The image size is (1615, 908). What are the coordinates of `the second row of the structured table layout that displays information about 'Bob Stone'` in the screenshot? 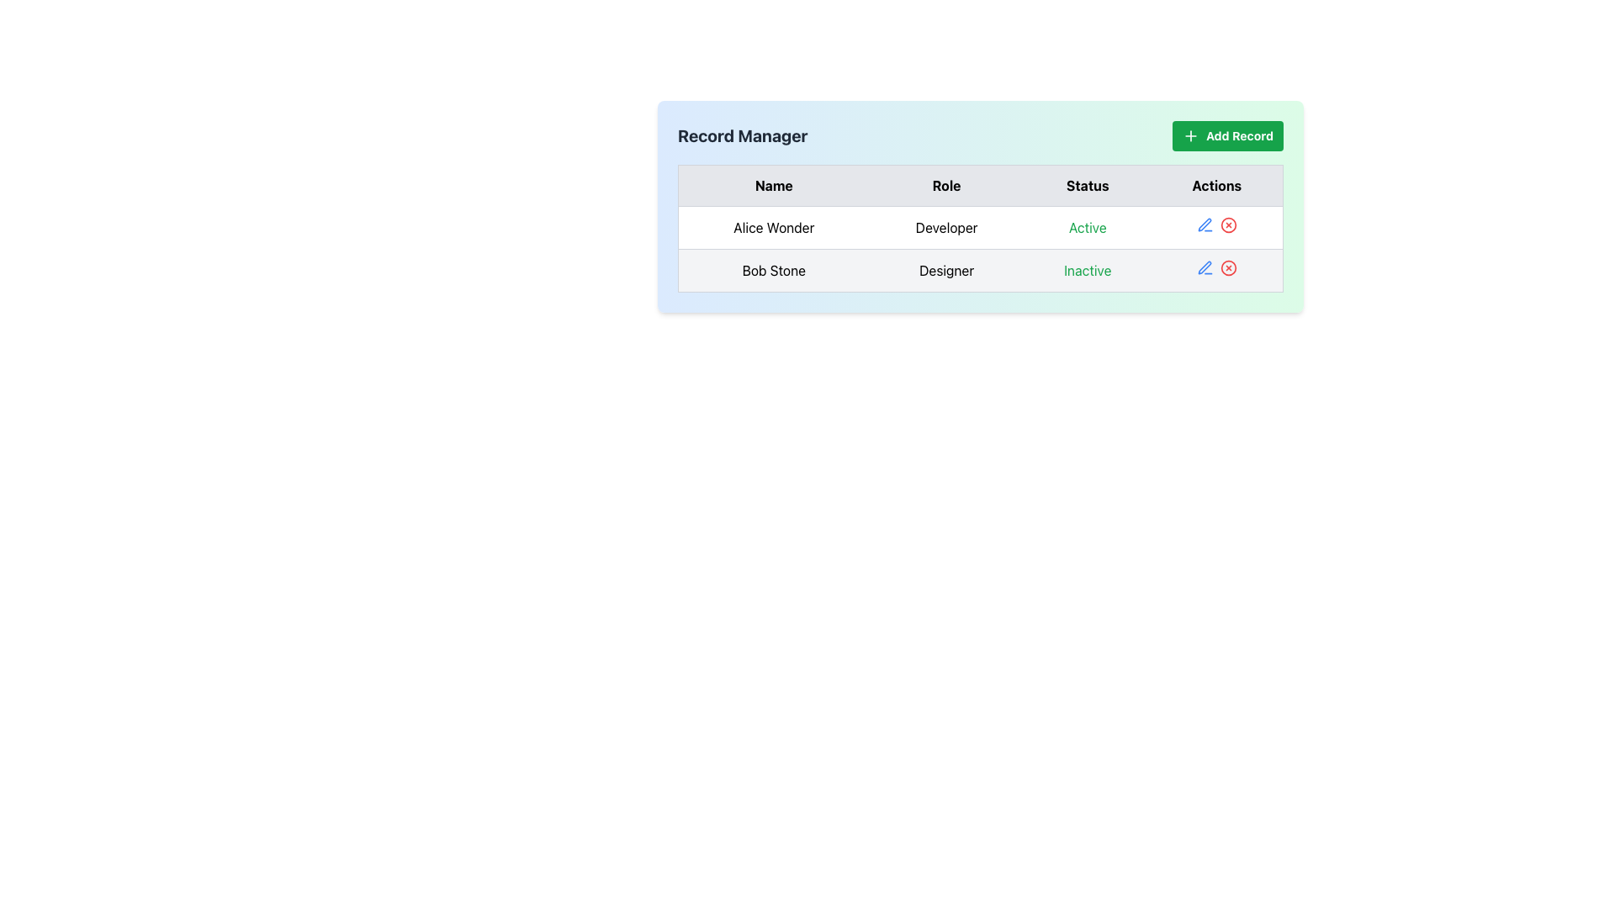 It's located at (981, 269).